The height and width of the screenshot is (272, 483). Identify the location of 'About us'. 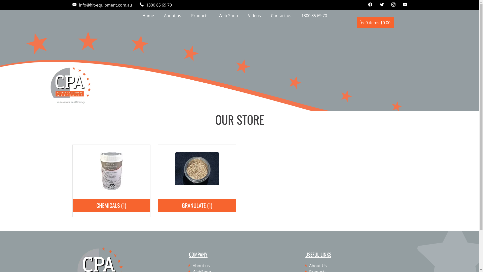
(173, 15).